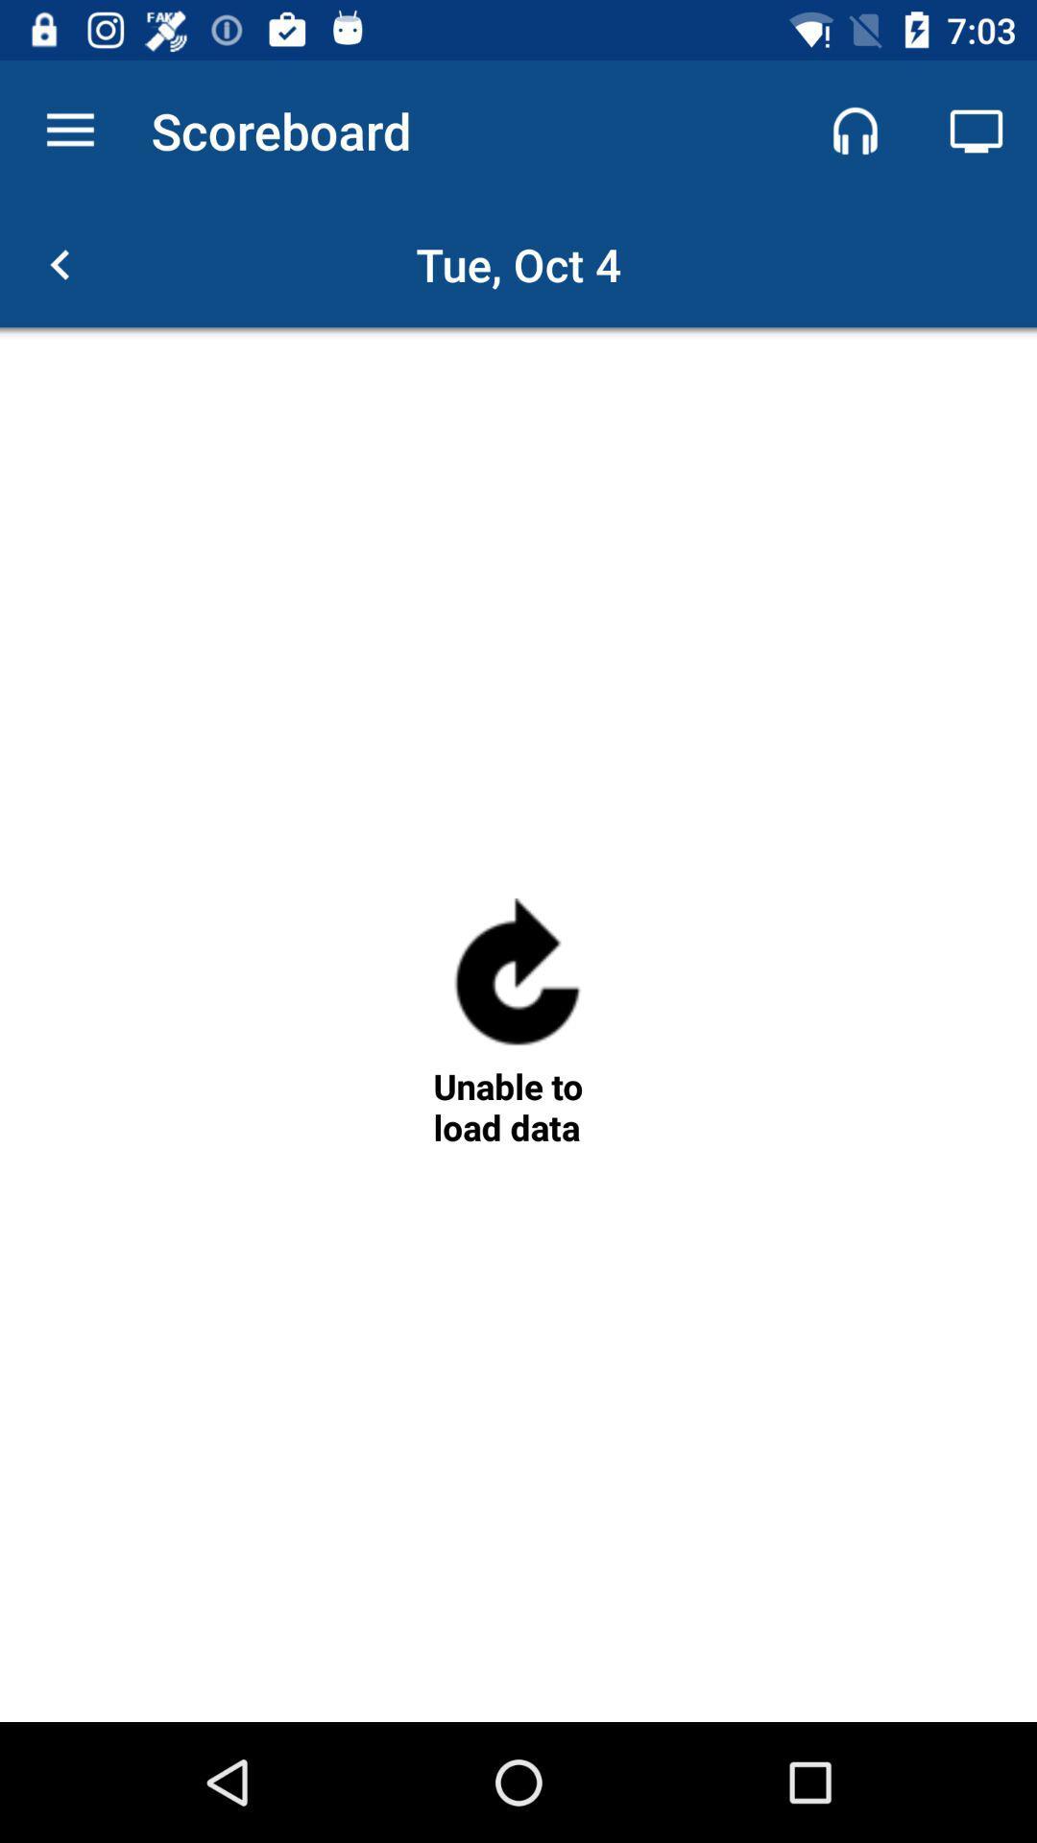 Image resolution: width=1037 pixels, height=1843 pixels. I want to click on icon next to tue, oct 4 item, so click(59, 263).